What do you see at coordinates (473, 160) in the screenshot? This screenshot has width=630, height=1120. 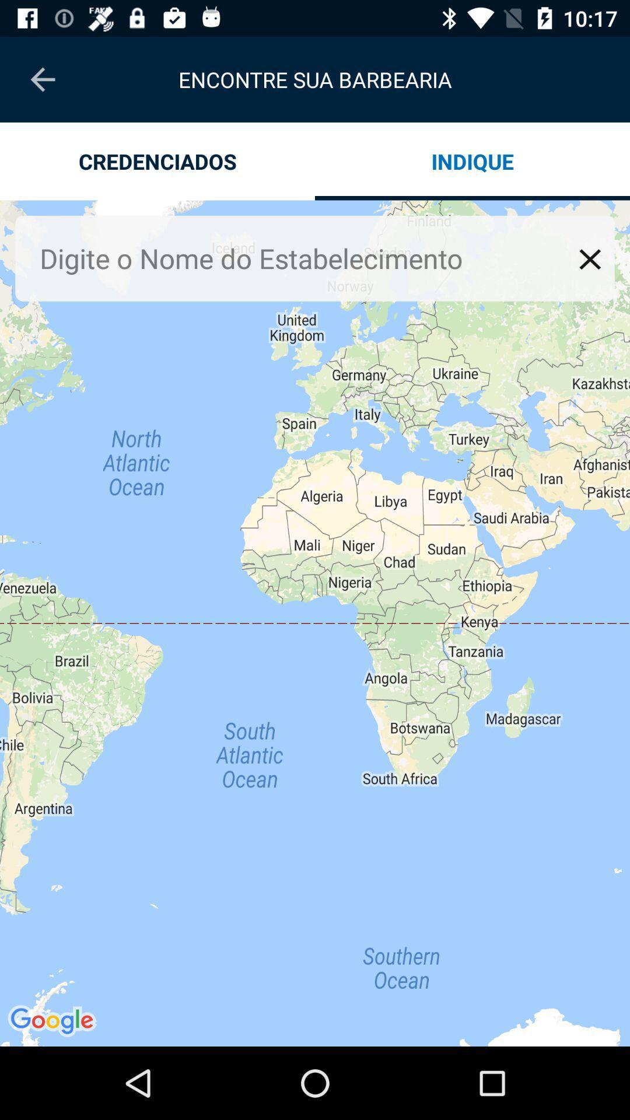 I see `indique icon` at bounding box center [473, 160].